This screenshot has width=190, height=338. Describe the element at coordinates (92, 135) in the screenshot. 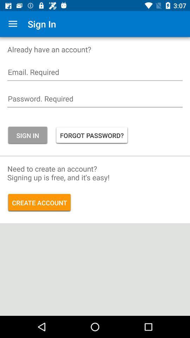

I see `forgot password? icon` at that location.